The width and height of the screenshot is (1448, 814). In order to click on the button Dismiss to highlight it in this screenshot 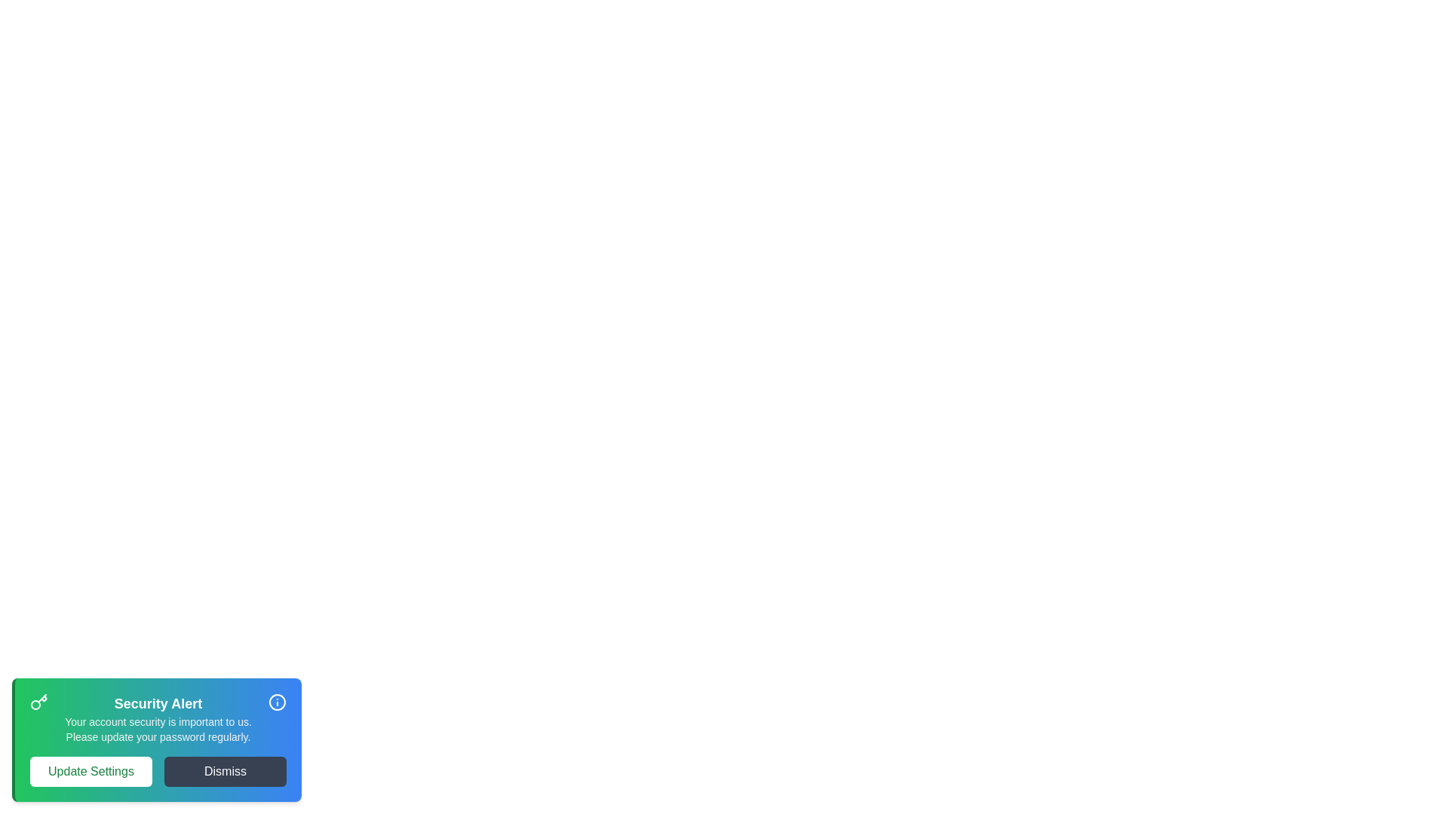, I will do `click(224, 771)`.